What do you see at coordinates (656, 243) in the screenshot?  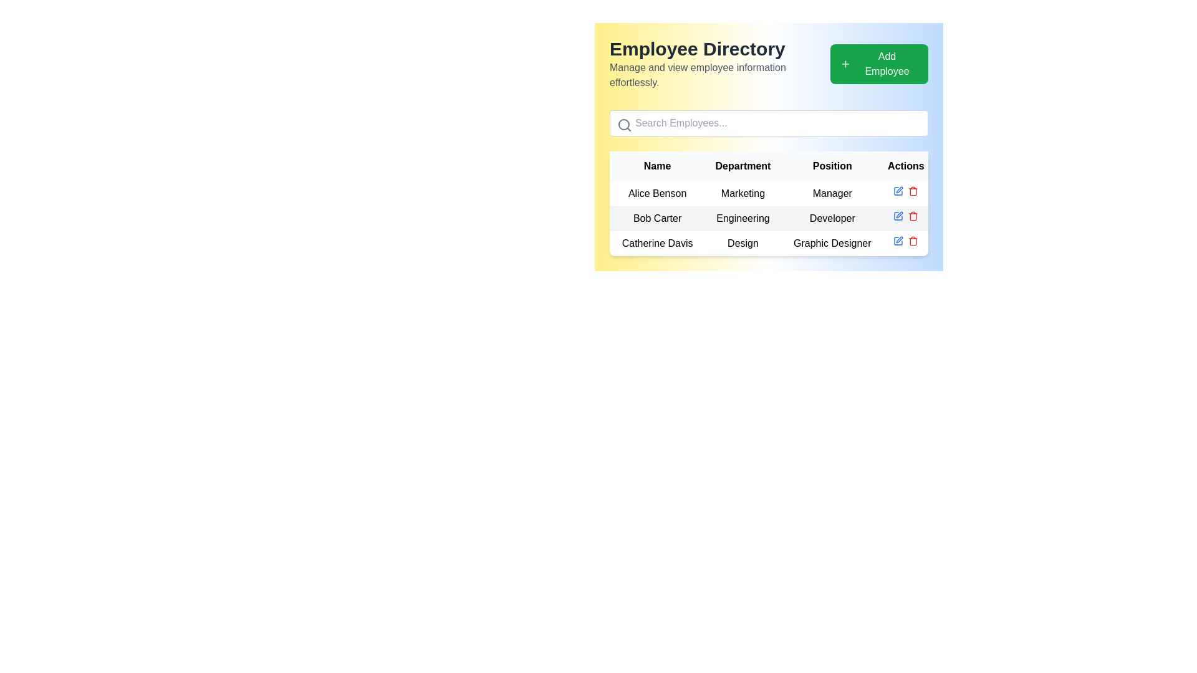 I see `the Text label displaying 'Catherine Davis' in the 'Name' column of the third row in the Employee Directory section` at bounding box center [656, 243].